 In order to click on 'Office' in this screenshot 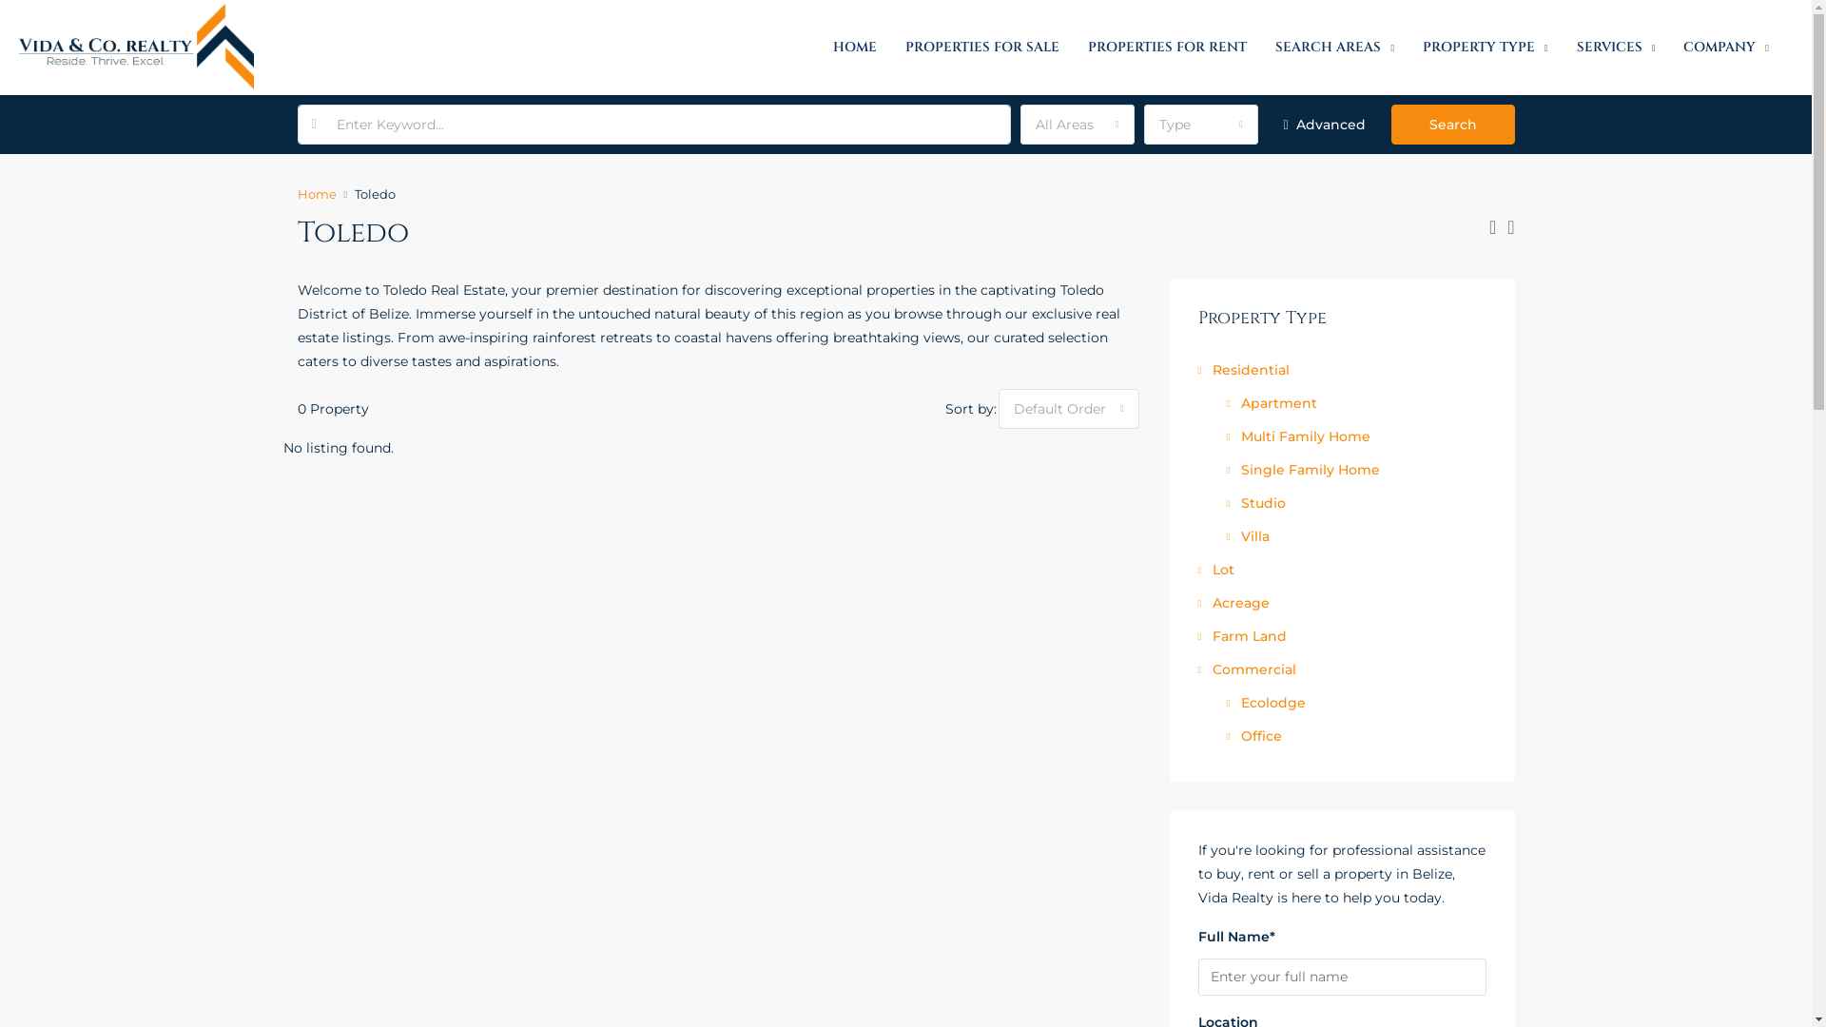, I will do `click(1227, 735)`.